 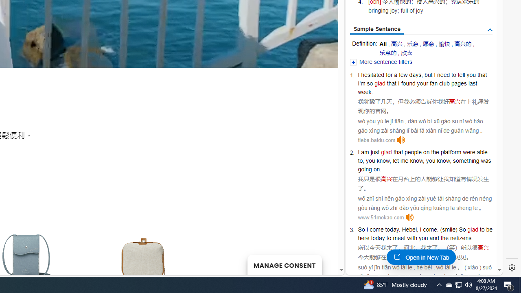 What do you see at coordinates (441, 229) in the screenshot?
I see `'('` at bounding box center [441, 229].